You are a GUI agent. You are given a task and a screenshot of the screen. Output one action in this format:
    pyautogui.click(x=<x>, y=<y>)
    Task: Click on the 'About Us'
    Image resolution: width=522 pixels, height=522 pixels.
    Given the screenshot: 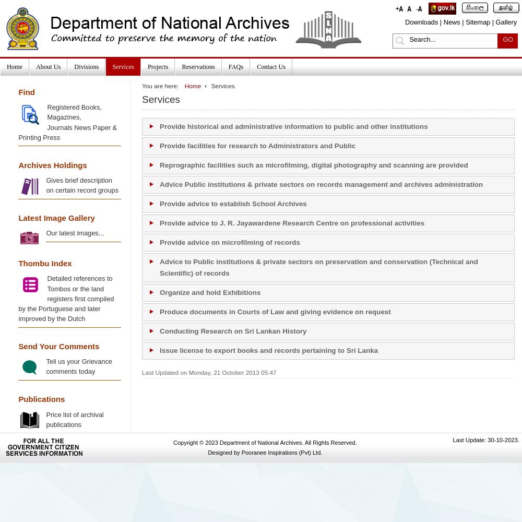 What is the action you would take?
    pyautogui.click(x=48, y=67)
    